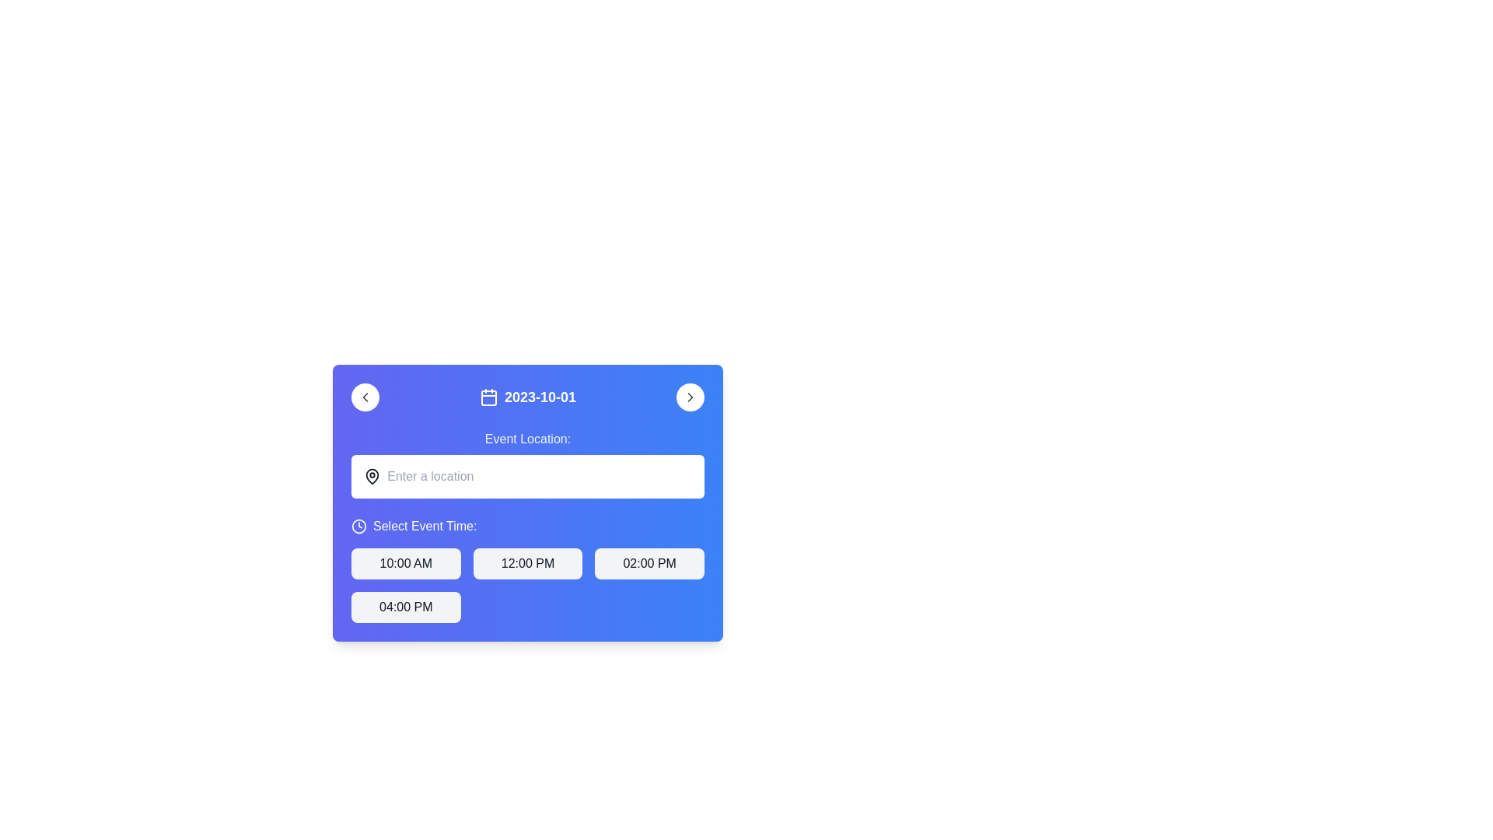 The image size is (1493, 840). Describe the element at coordinates (690, 396) in the screenshot. I see `the right-pointing chevron icon which is part of a navigation component in the interface` at that location.